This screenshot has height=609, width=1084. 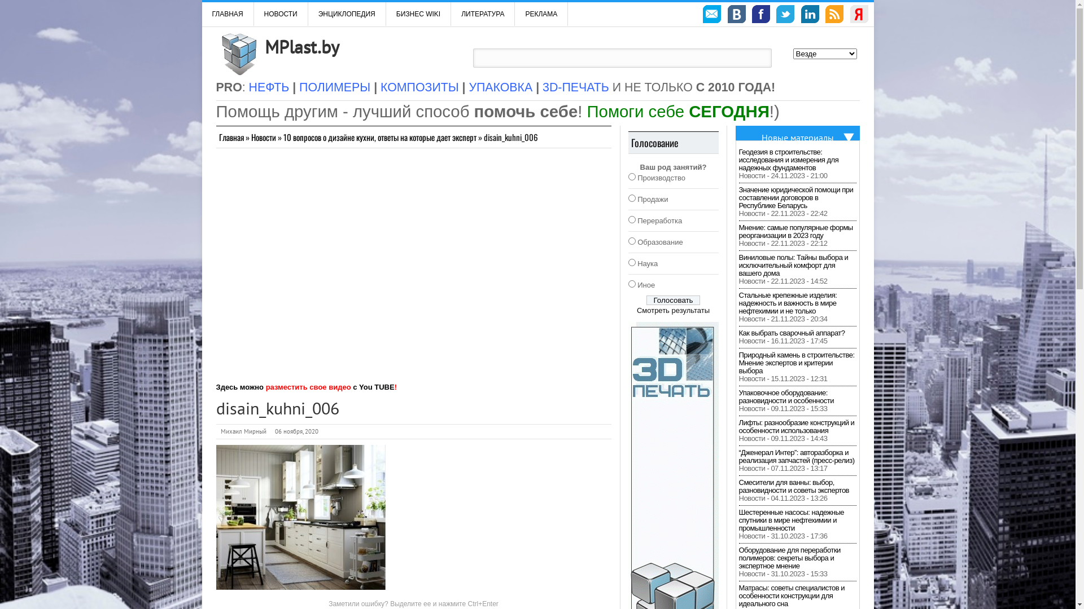 I want to click on 'Linkedin Mplast.by', so click(x=810, y=15).